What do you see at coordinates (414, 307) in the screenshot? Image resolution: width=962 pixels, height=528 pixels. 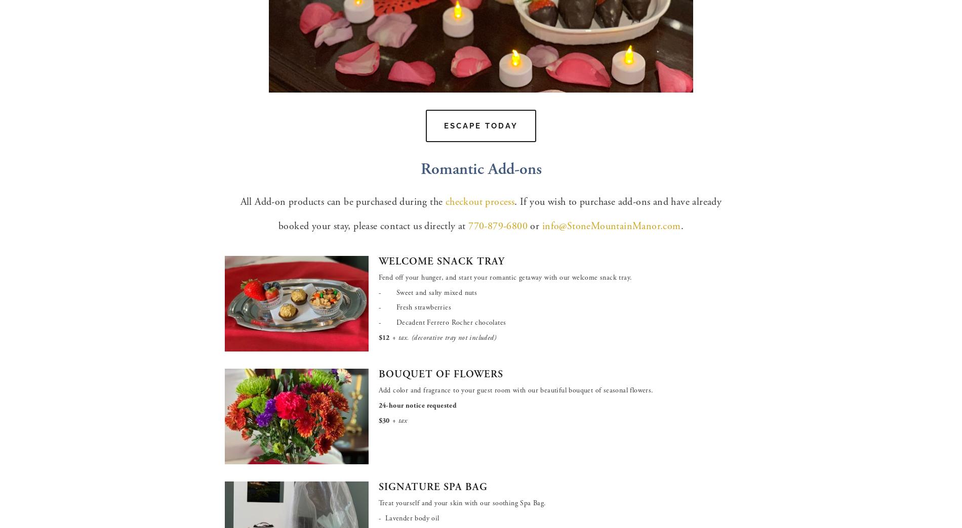 I see `'-       Fresh strawberries'` at bounding box center [414, 307].